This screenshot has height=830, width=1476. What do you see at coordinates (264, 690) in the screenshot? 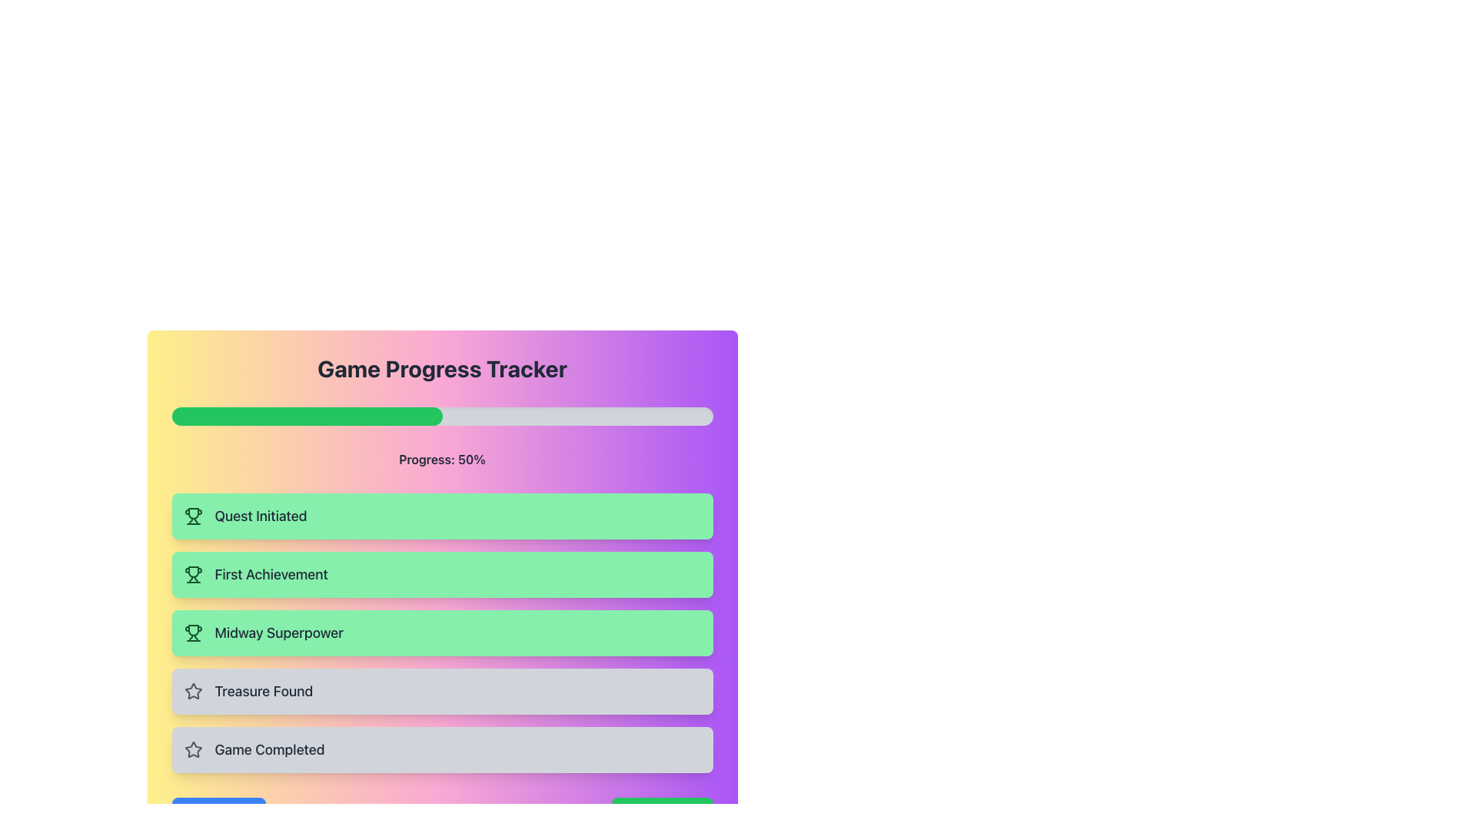
I see `the 'Treasure Found' Text Label, which indicates a milestone in the progression tracker` at bounding box center [264, 690].